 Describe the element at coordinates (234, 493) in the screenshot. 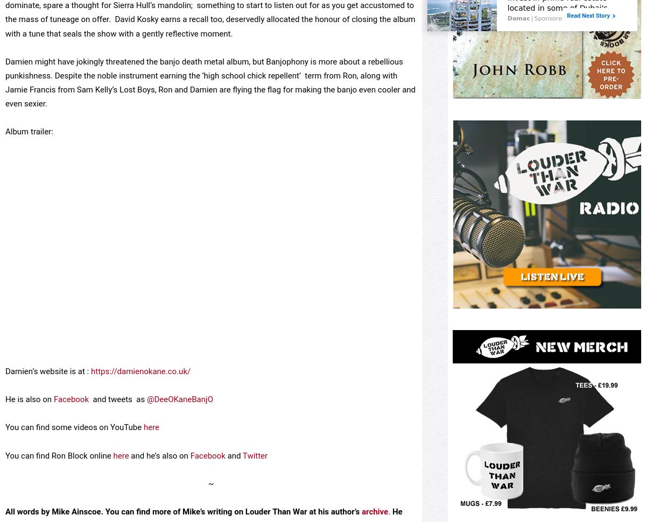

I see `'and'` at that location.